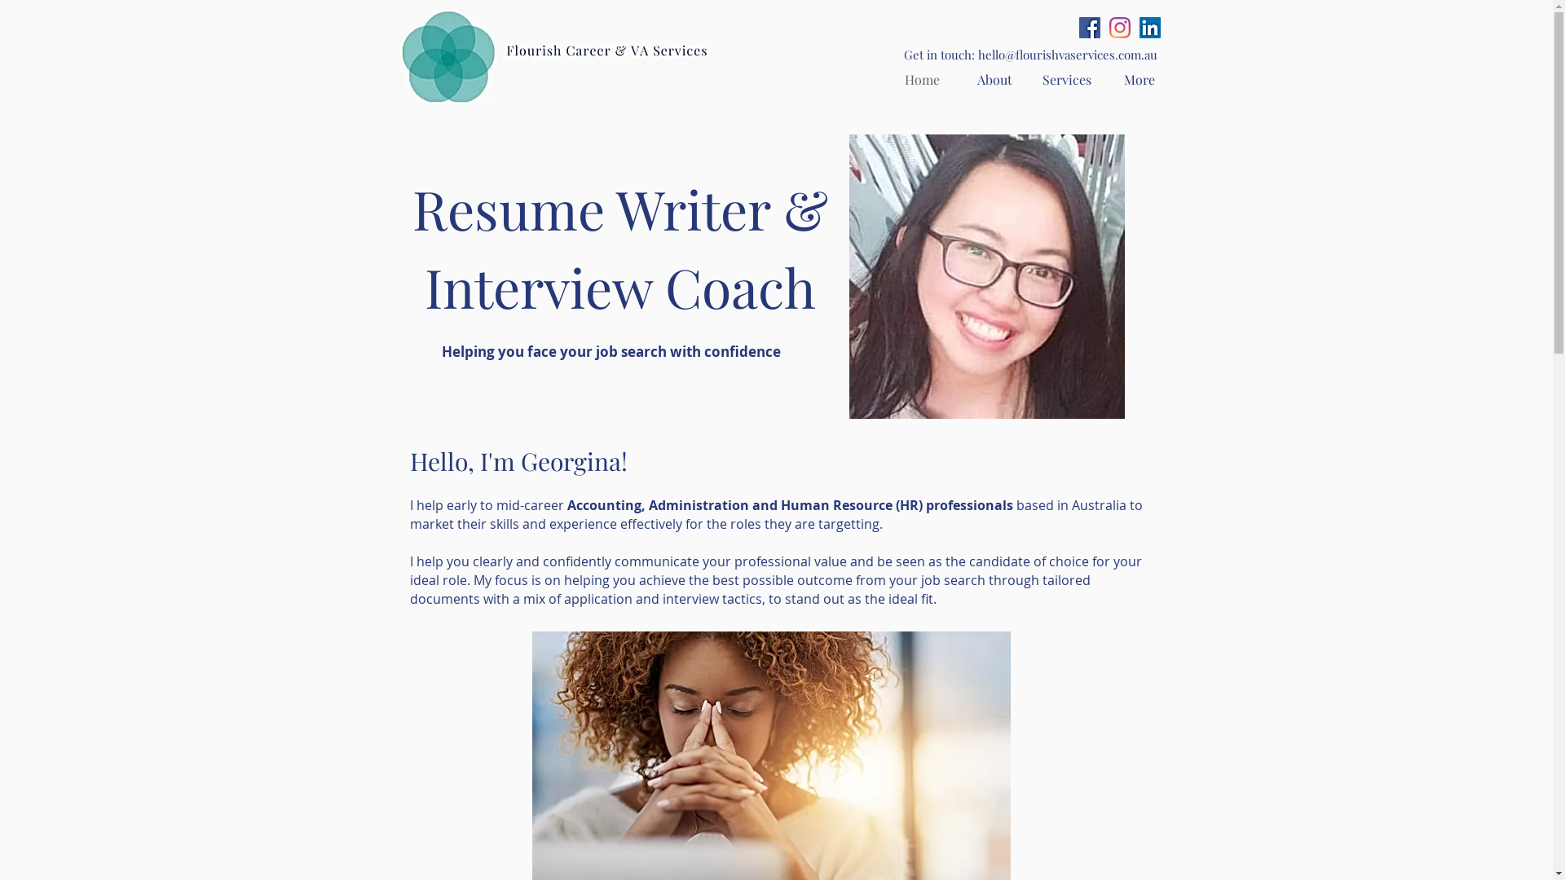  What do you see at coordinates (994, 79) in the screenshot?
I see `'About'` at bounding box center [994, 79].